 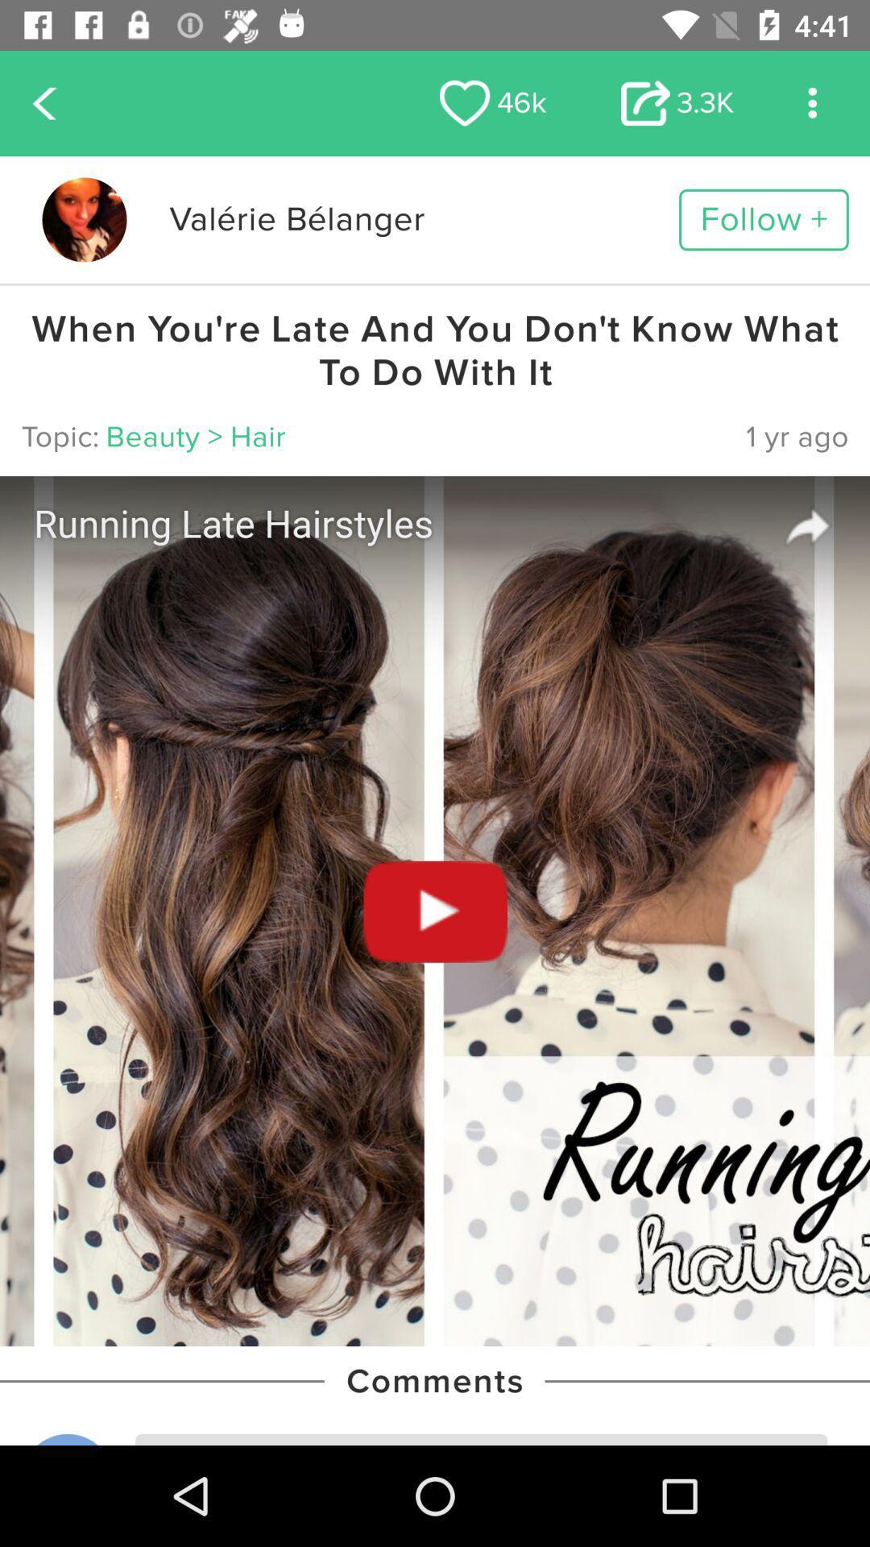 What do you see at coordinates (84, 219) in the screenshot?
I see `profile` at bounding box center [84, 219].